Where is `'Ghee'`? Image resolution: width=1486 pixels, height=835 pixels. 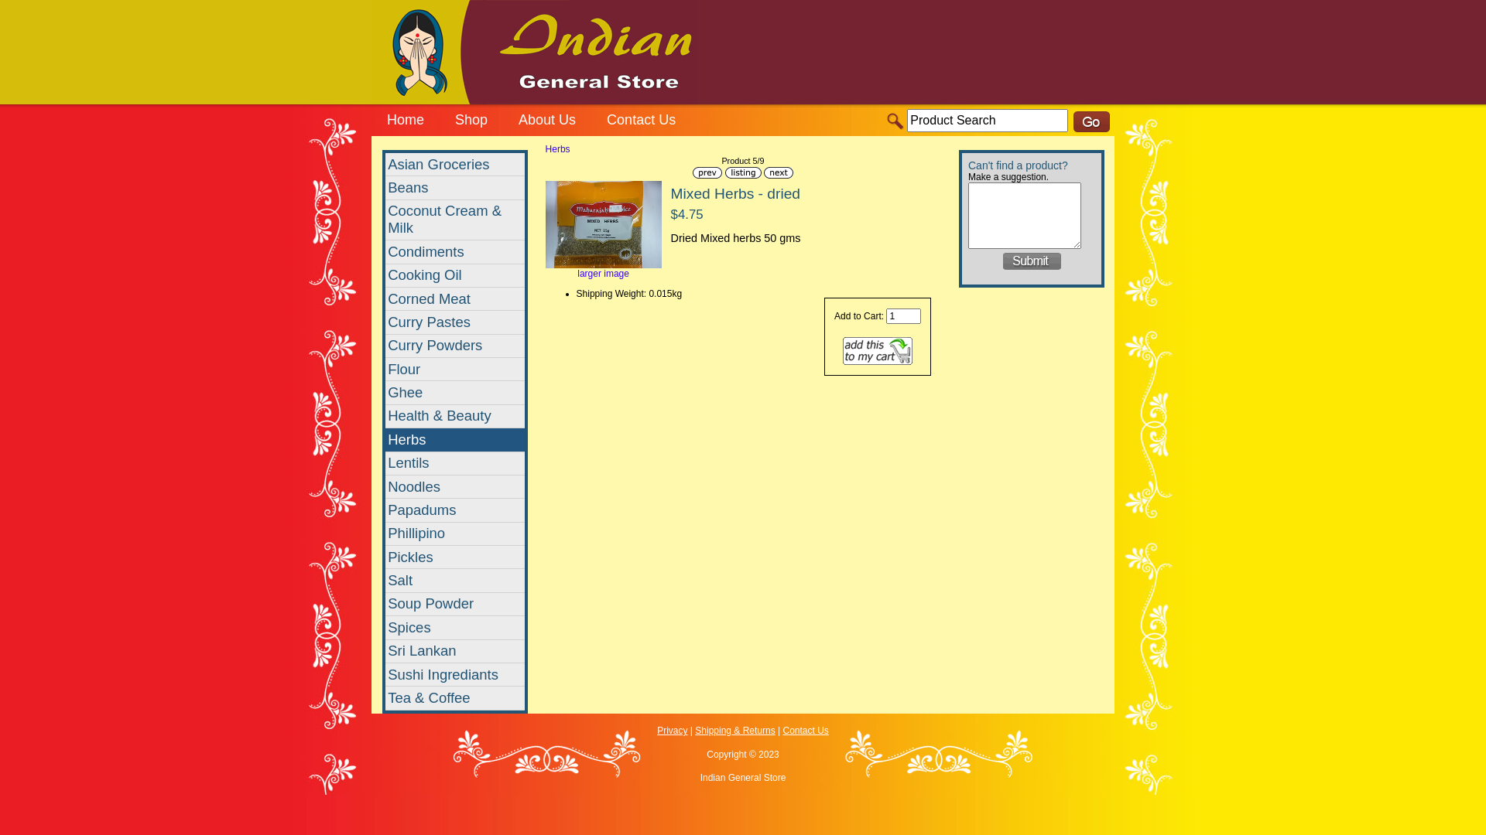
'Ghee' is located at coordinates (454, 392).